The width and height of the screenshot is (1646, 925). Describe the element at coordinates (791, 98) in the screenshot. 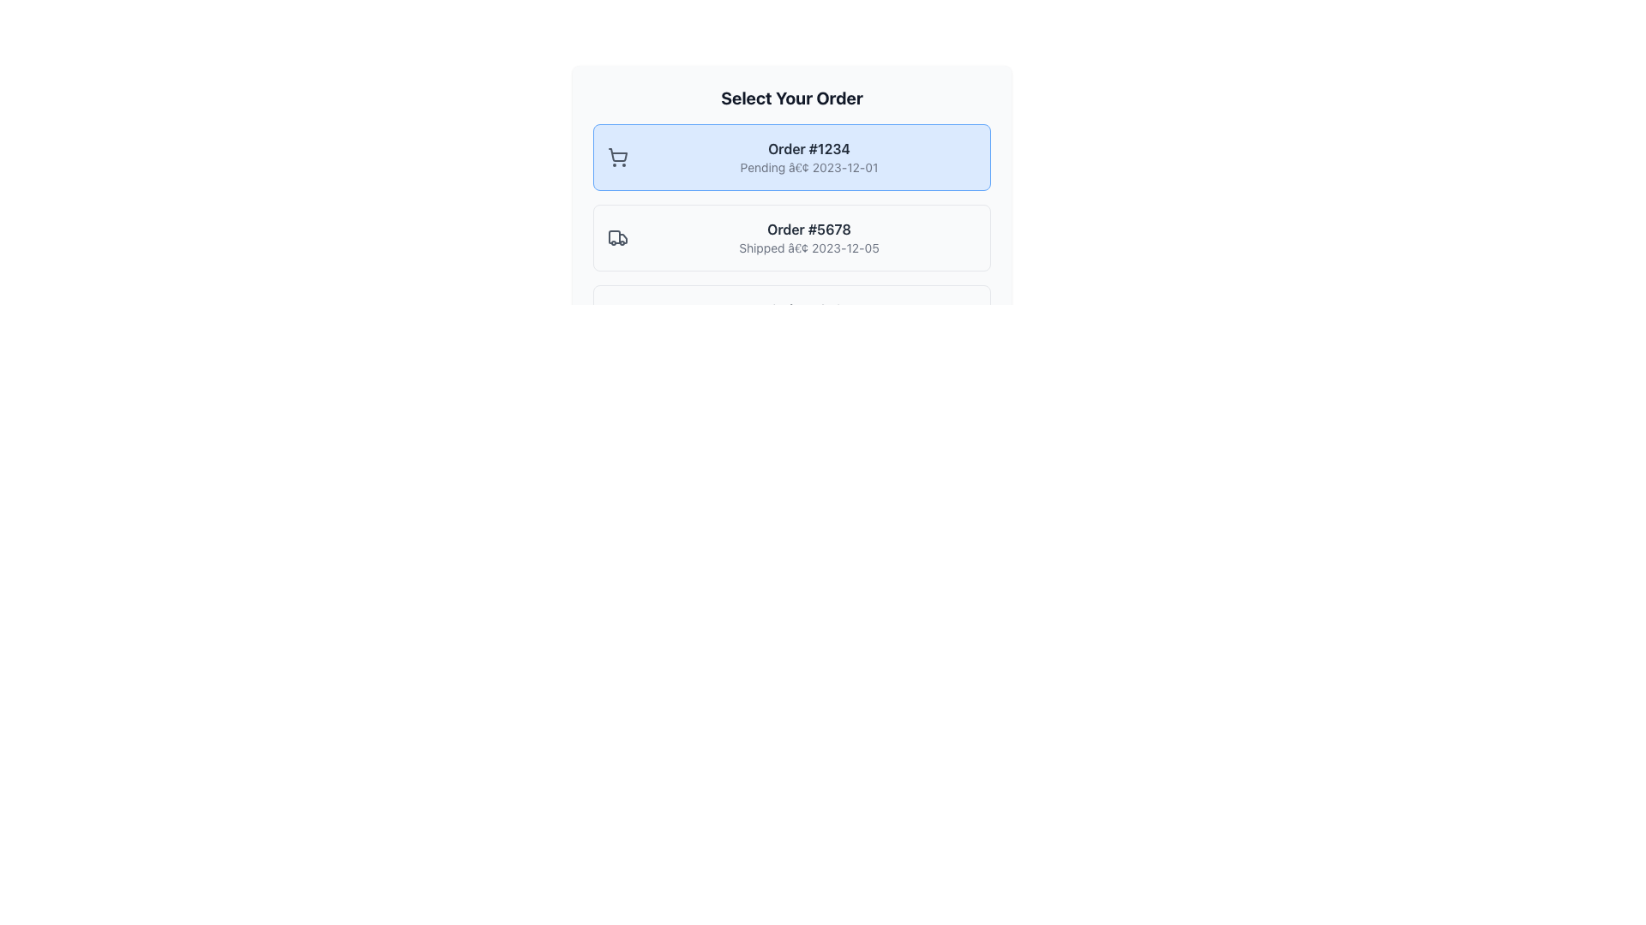

I see `the header text that serves as the title for the list of orders, positioned at the top inside a section with a rounded border` at that location.